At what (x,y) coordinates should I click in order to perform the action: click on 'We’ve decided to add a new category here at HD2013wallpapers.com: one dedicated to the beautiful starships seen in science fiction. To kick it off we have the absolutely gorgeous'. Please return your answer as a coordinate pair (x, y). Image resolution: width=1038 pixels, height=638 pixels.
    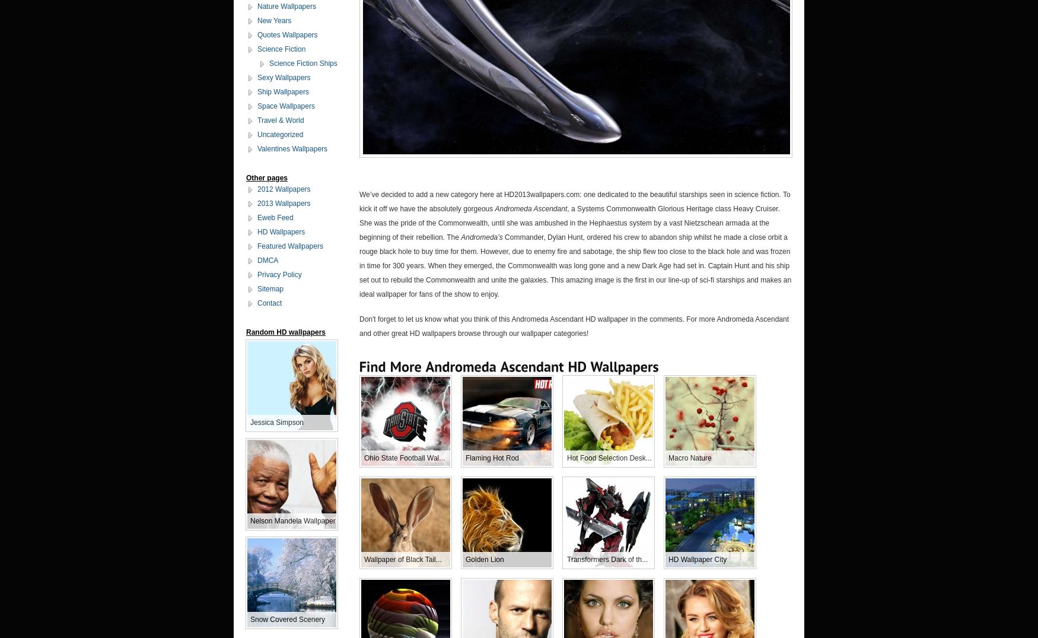
    Looking at the image, I should click on (574, 200).